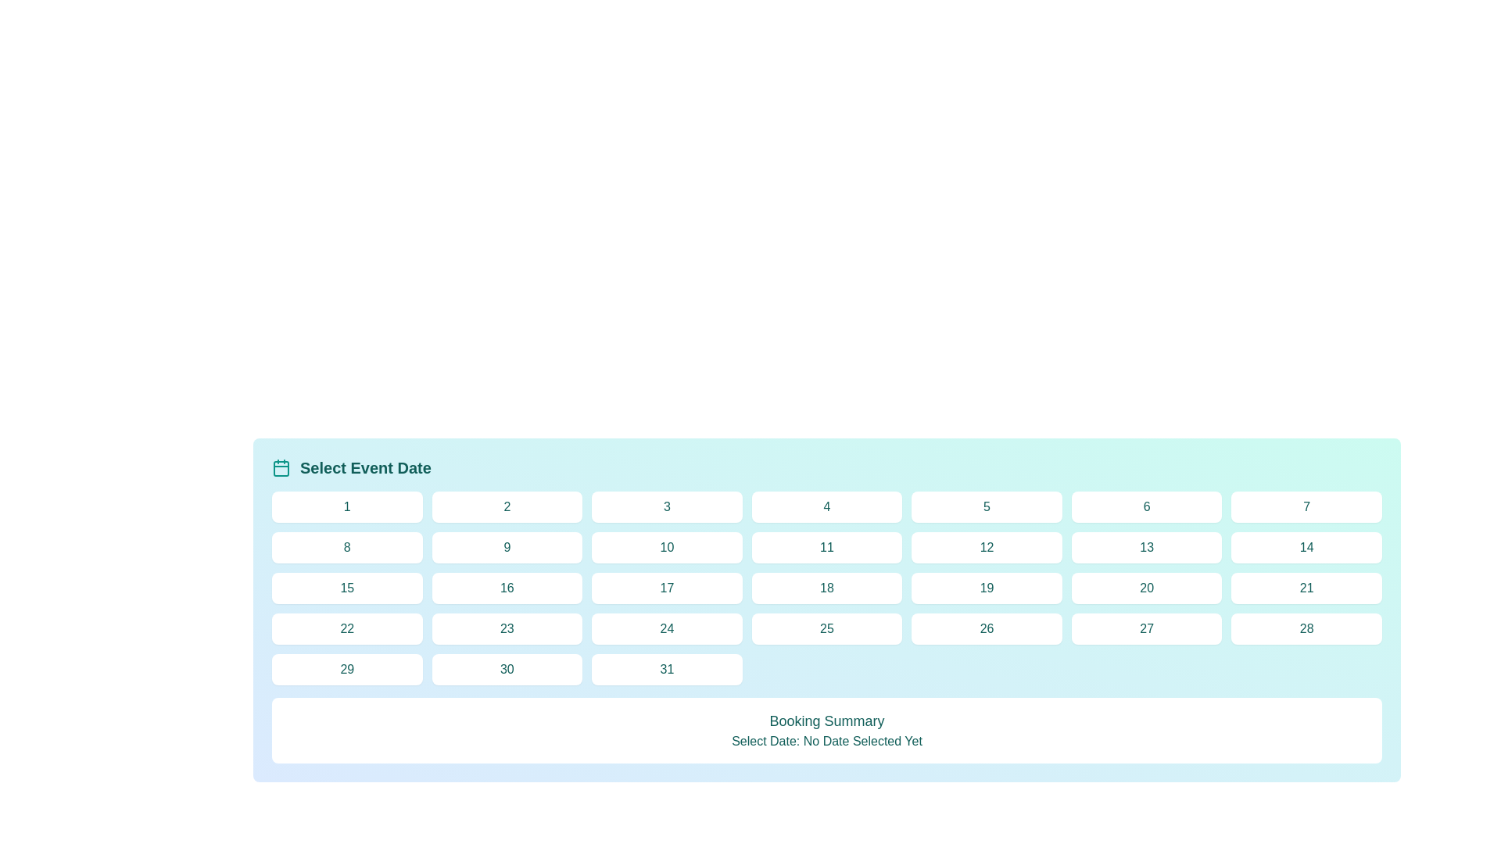 The width and height of the screenshot is (1501, 844). I want to click on the square button with a white background and teal text displaying the number '14', so click(1306, 547).